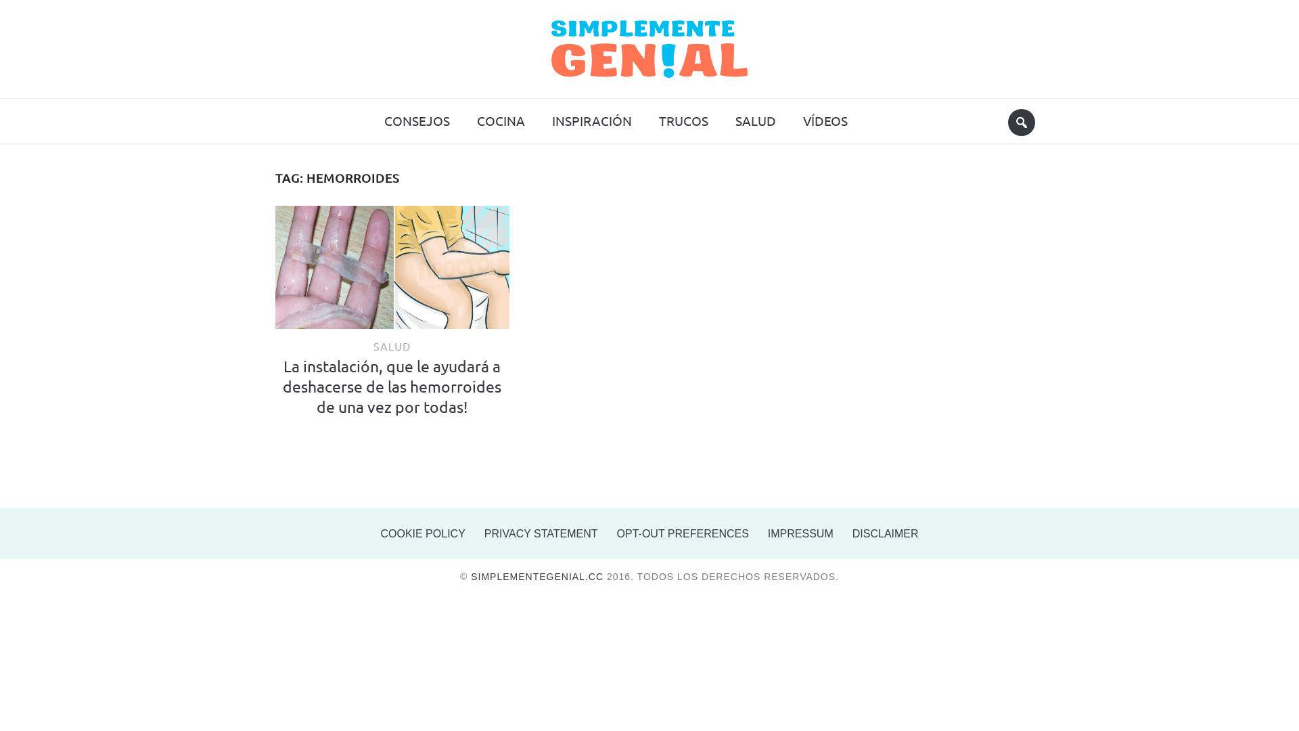 This screenshot has width=1299, height=731. What do you see at coordinates (800, 533) in the screenshot?
I see `'IMPRESSUM'` at bounding box center [800, 533].